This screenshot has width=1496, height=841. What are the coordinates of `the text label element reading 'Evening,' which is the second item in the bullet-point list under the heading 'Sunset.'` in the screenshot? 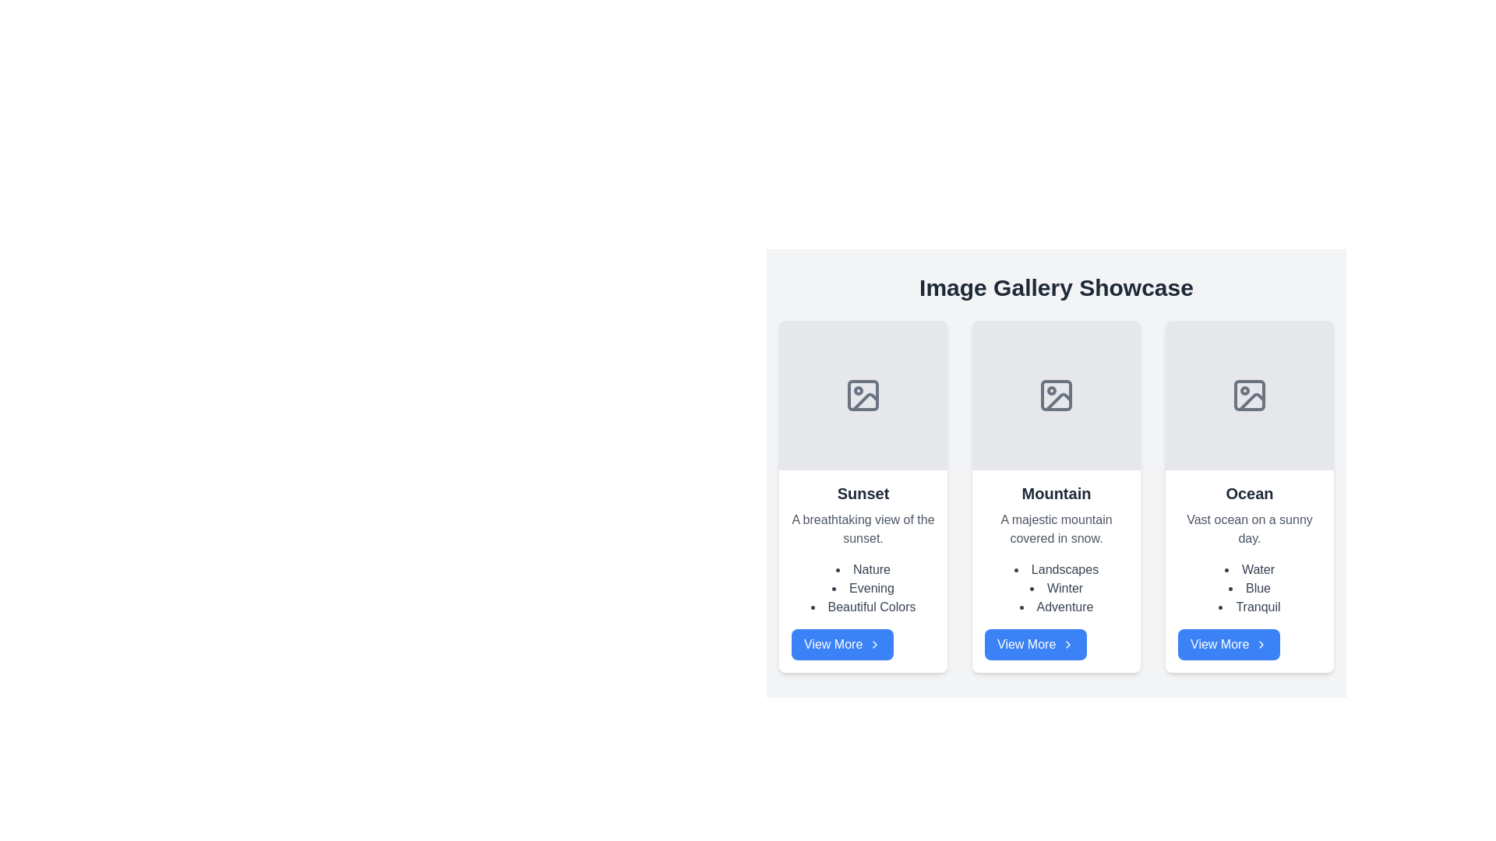 It's located at (863, 589).